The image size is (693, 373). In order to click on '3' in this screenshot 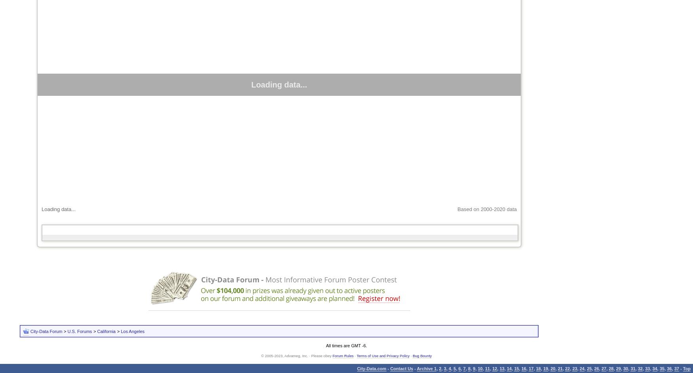, I will do `click(444, 368)`.